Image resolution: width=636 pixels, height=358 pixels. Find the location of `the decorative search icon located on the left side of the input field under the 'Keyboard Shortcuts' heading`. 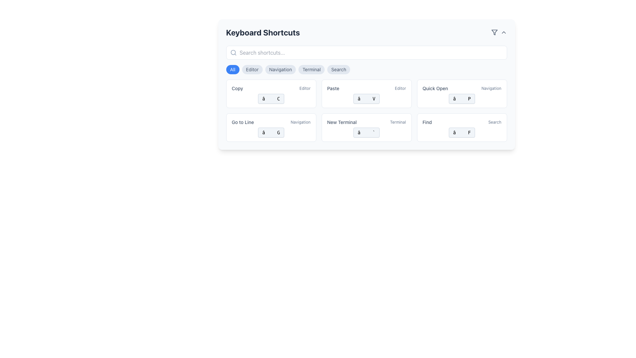

the decorative search icon located on the left side of the input field under the 'Keyboard Shortcuts' heading is located at coordinates (233, 52).